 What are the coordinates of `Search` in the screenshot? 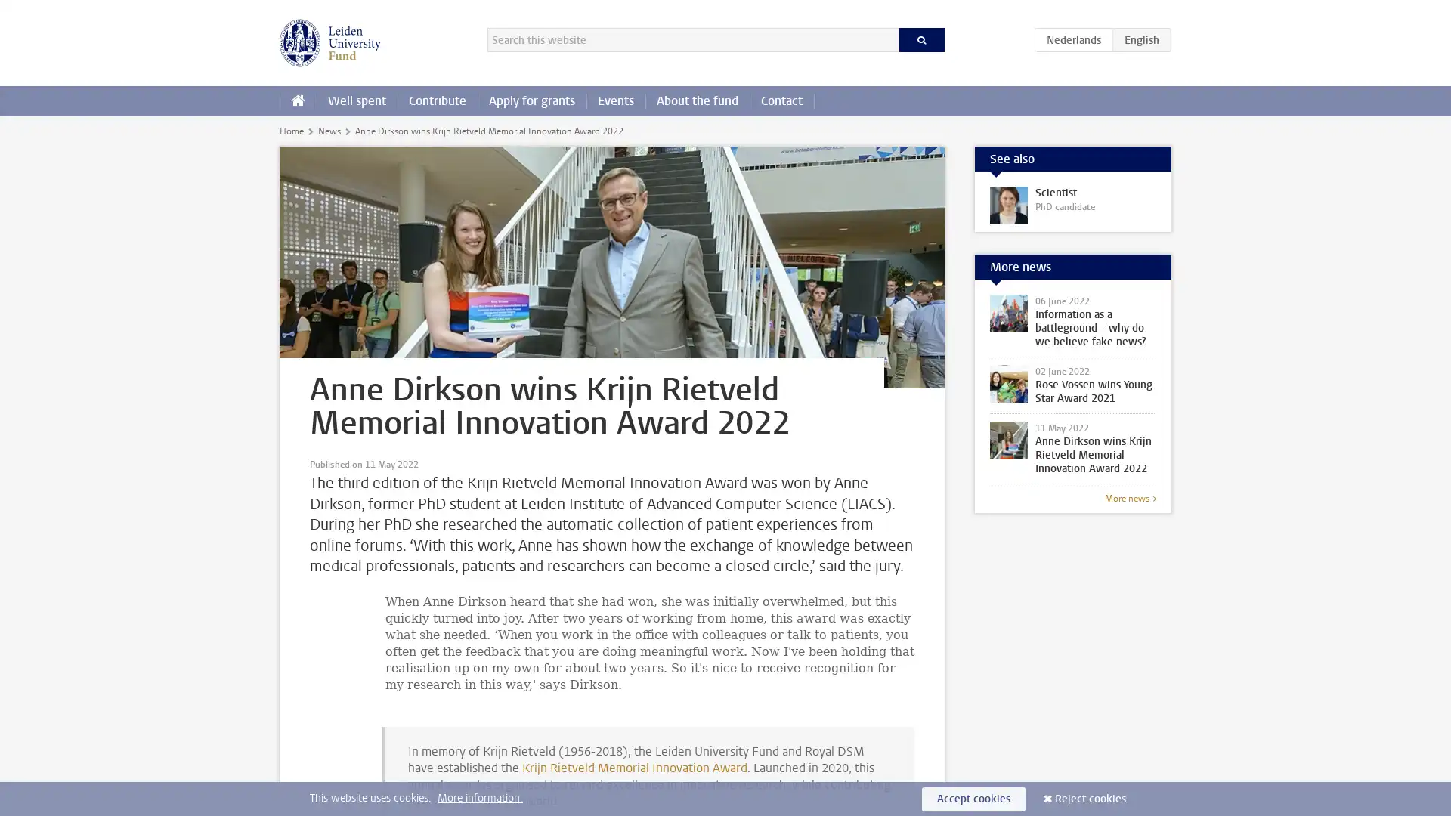 It's located at (920, 39).